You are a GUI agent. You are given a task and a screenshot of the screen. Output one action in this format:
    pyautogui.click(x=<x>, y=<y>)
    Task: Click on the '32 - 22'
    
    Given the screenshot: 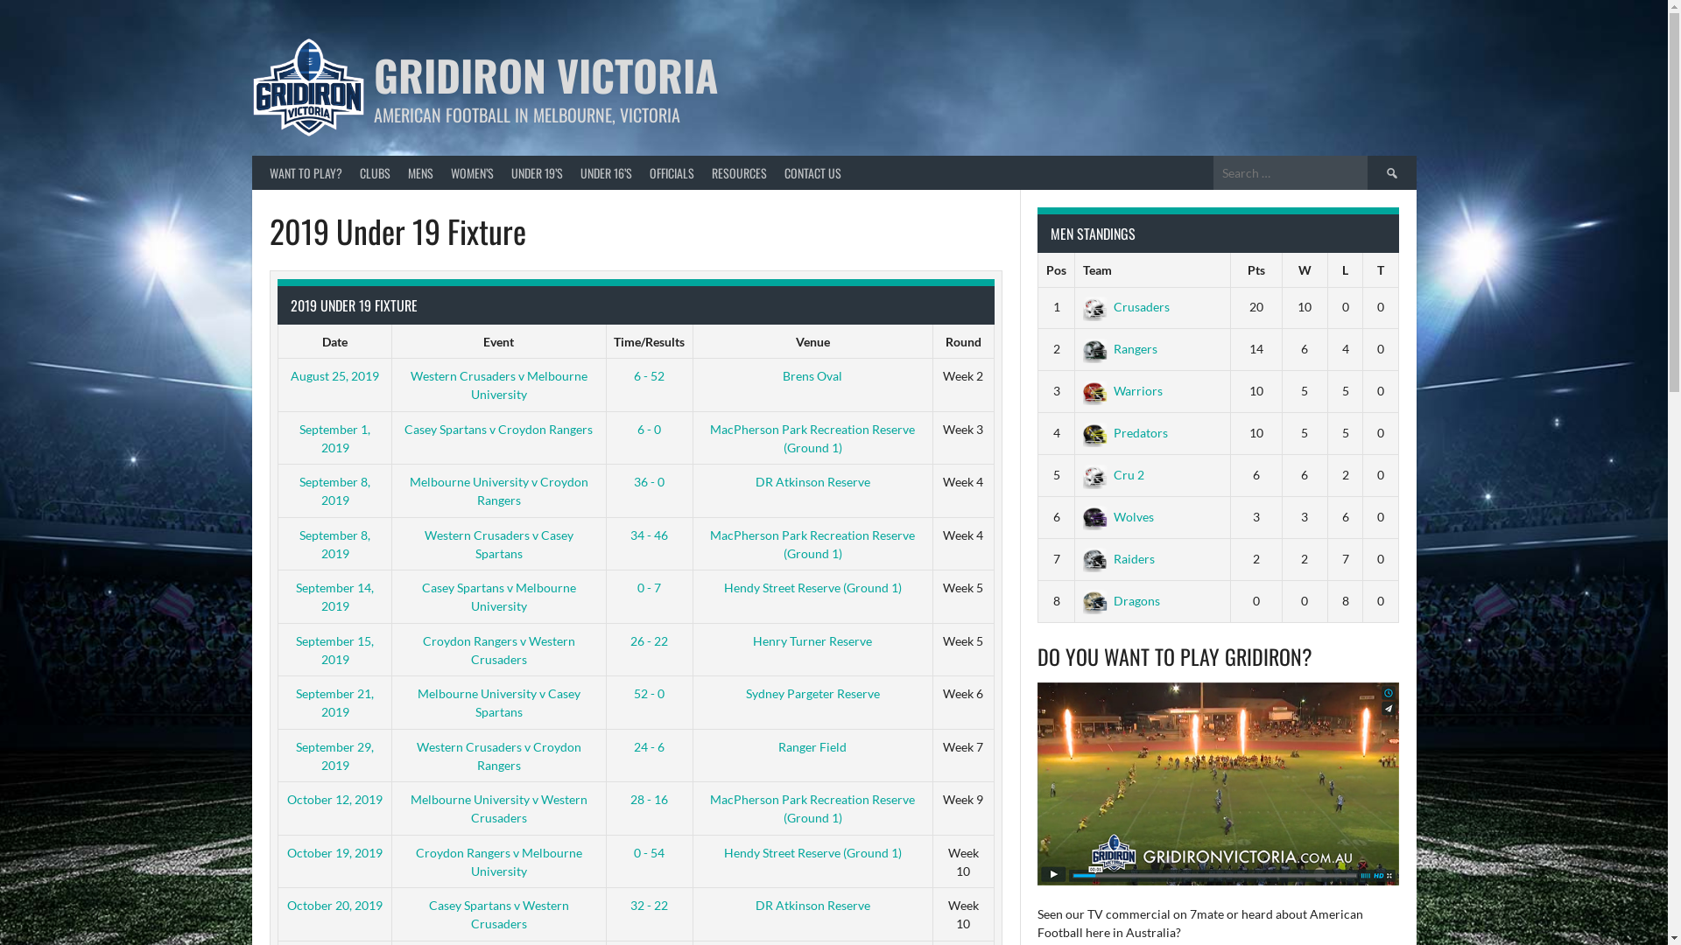 What is the action you would take?
    pyautogui.click(x=648, y=905)
    